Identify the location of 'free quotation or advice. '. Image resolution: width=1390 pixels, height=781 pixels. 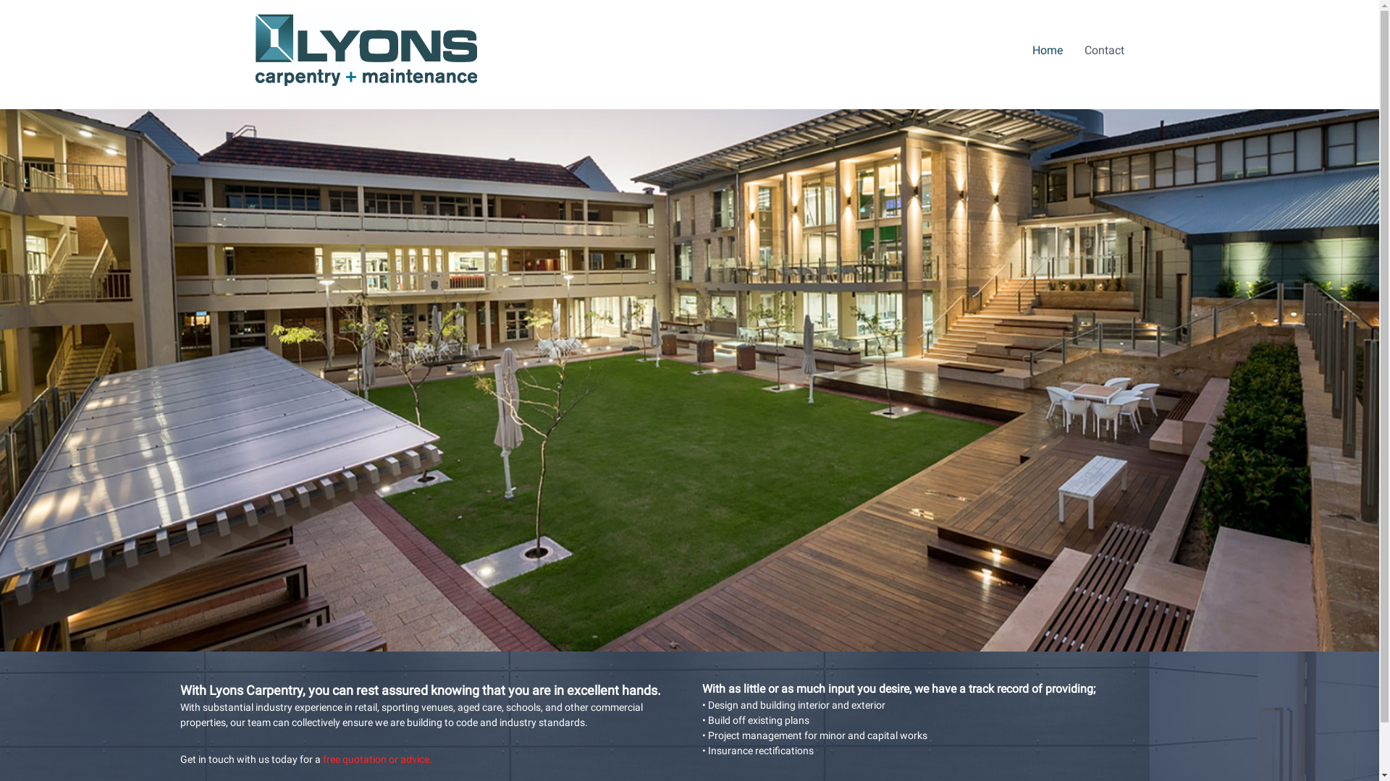
(379, 758).